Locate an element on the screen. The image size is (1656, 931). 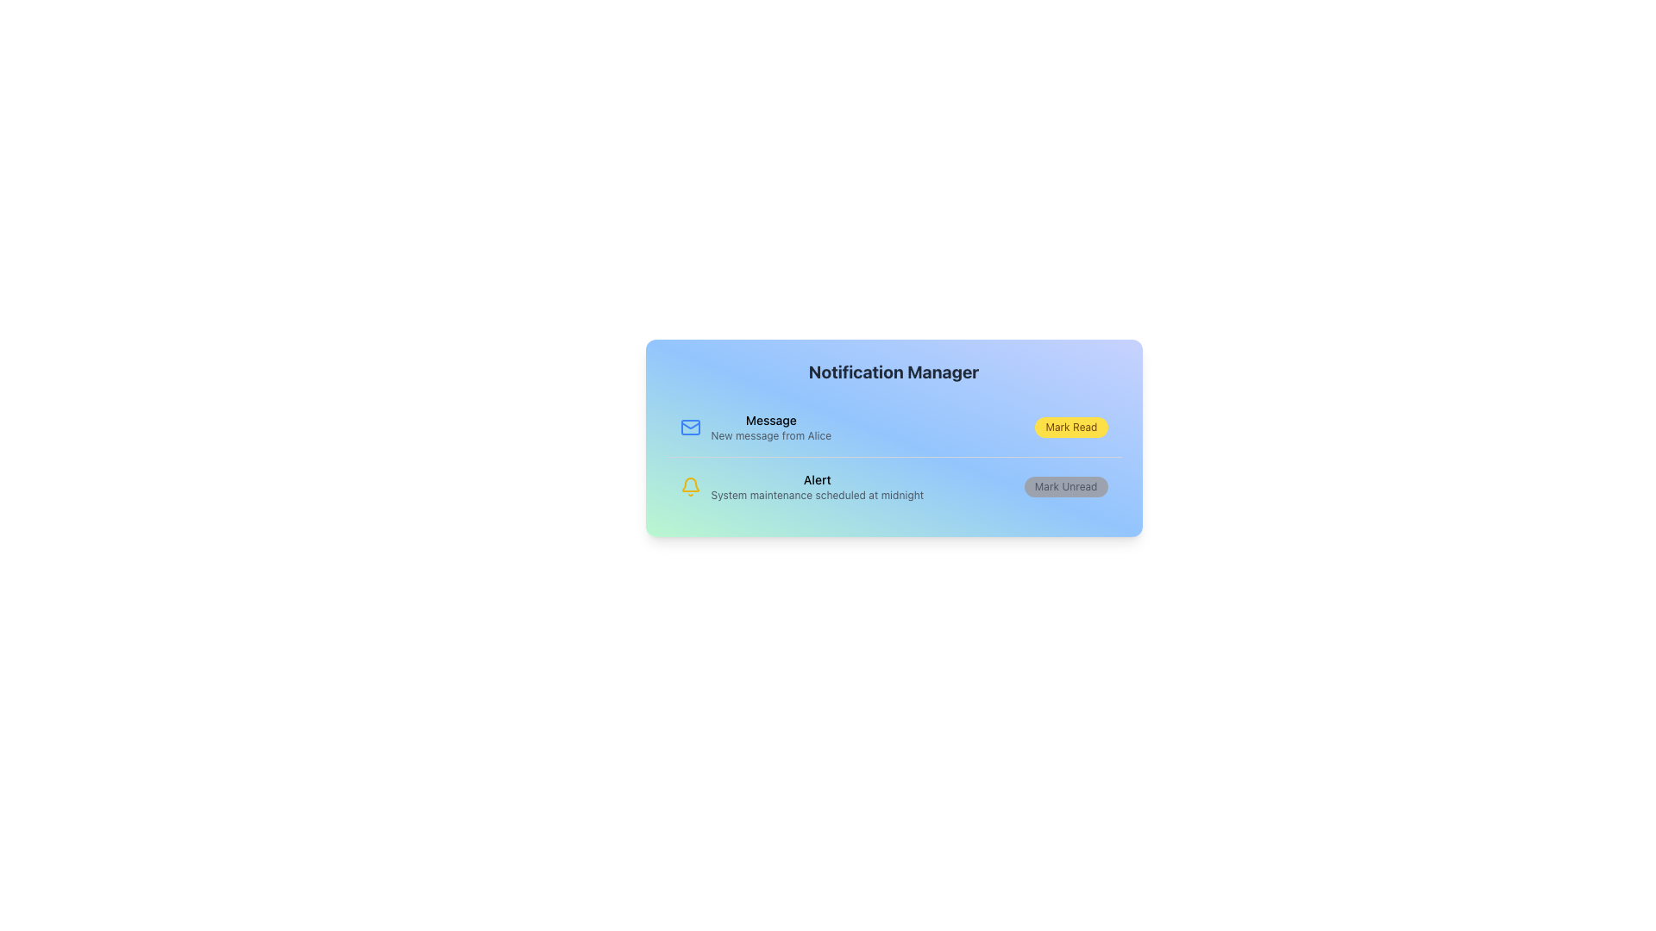
the notification item alerting the user about a new message from Alice is located at coordinates (770, 427).